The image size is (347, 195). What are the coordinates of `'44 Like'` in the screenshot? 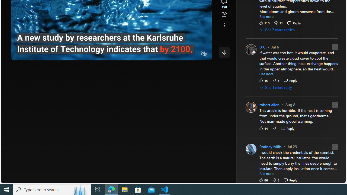 It's located at (263, 128).